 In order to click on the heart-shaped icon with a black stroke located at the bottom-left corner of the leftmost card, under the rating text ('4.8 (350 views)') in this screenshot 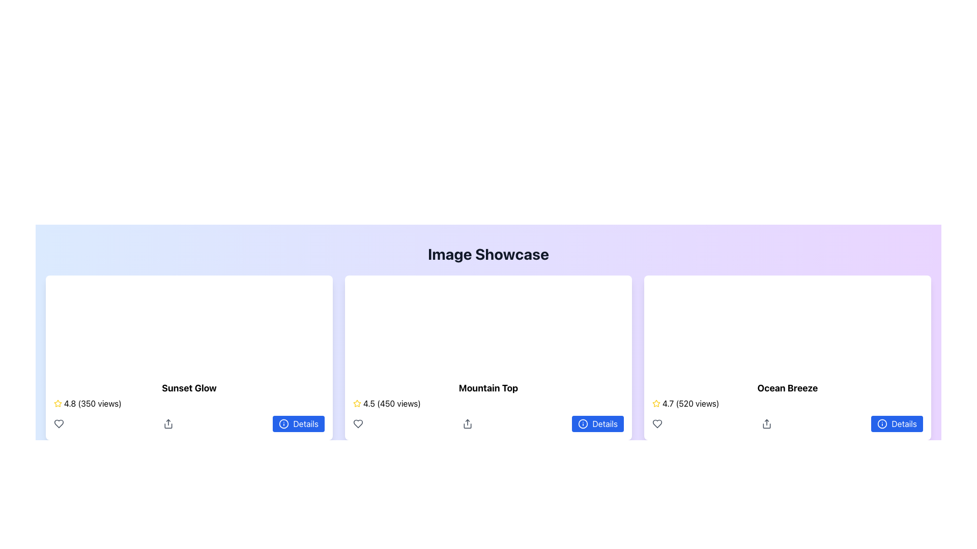, I will do `click(58, 423)`.